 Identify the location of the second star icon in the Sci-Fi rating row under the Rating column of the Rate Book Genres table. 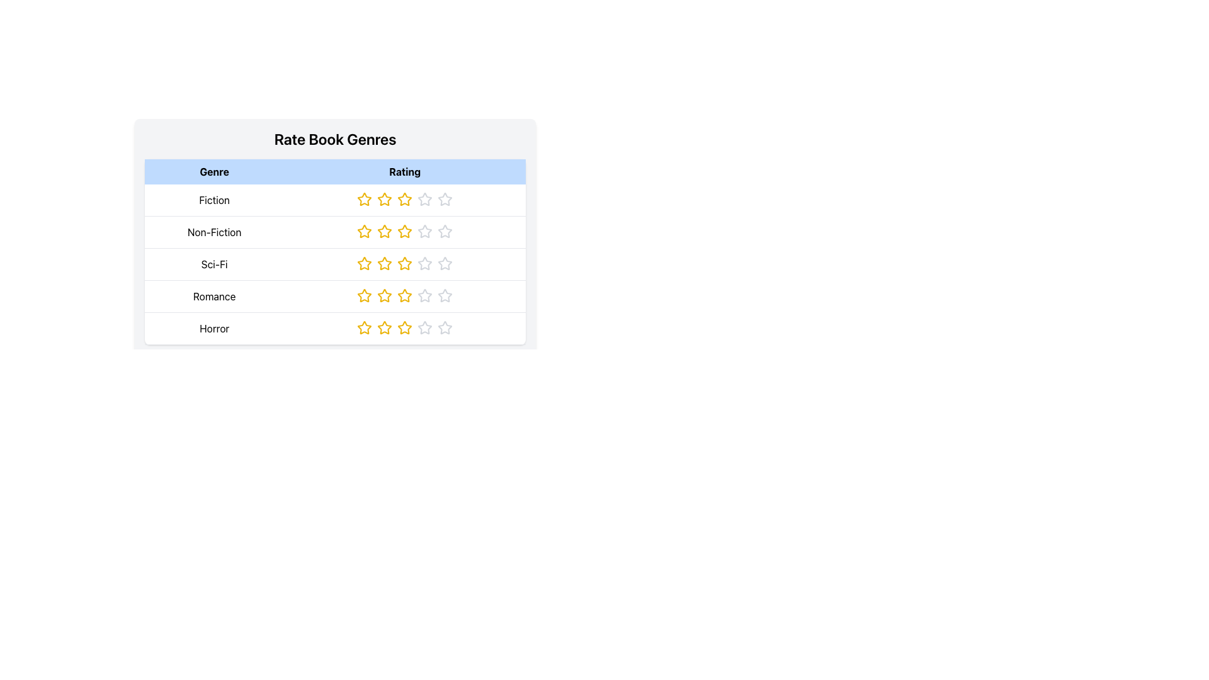
(364, 263).